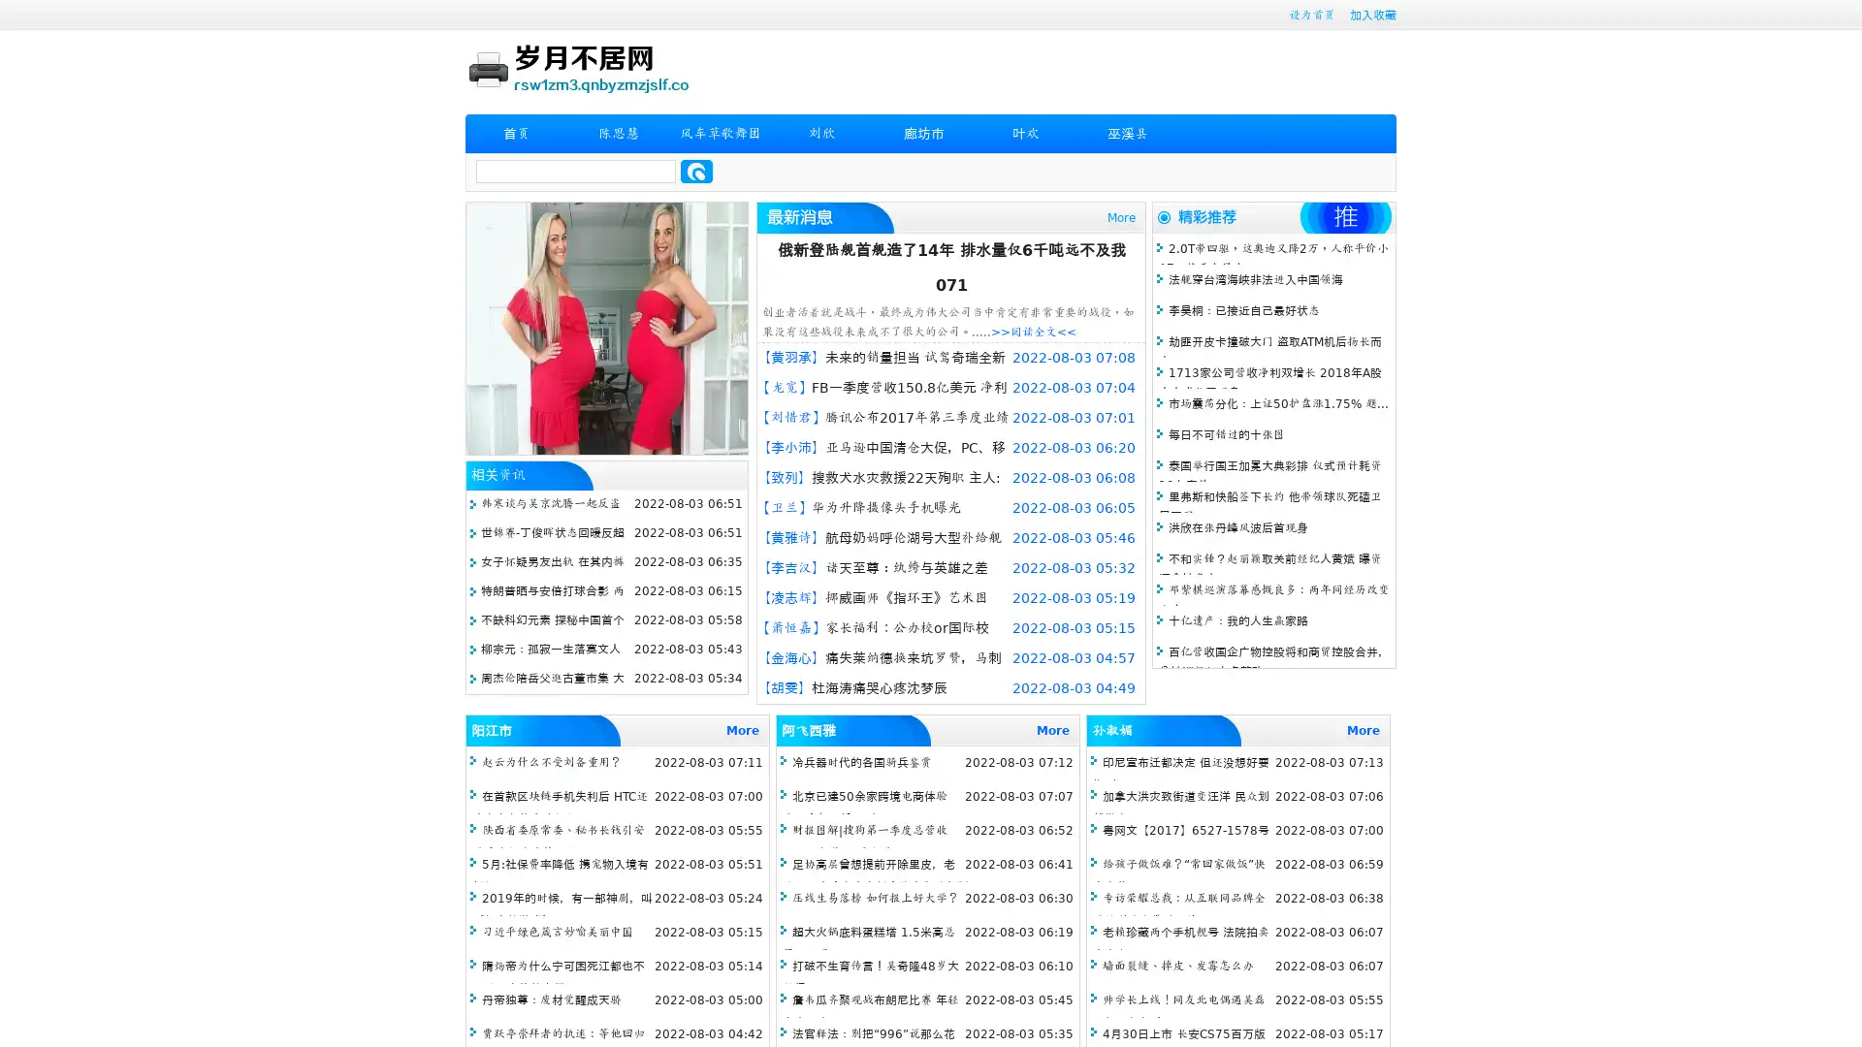  I want to click on Search, so click(696, 171).